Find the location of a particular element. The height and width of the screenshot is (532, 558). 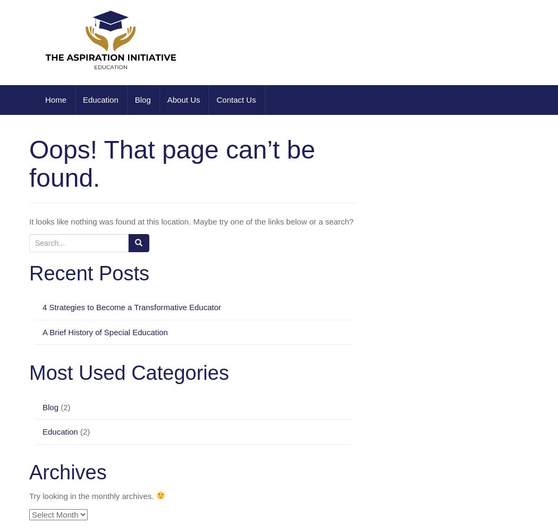

'A Brief History of Special Education' is located at coordinates (104, 331).